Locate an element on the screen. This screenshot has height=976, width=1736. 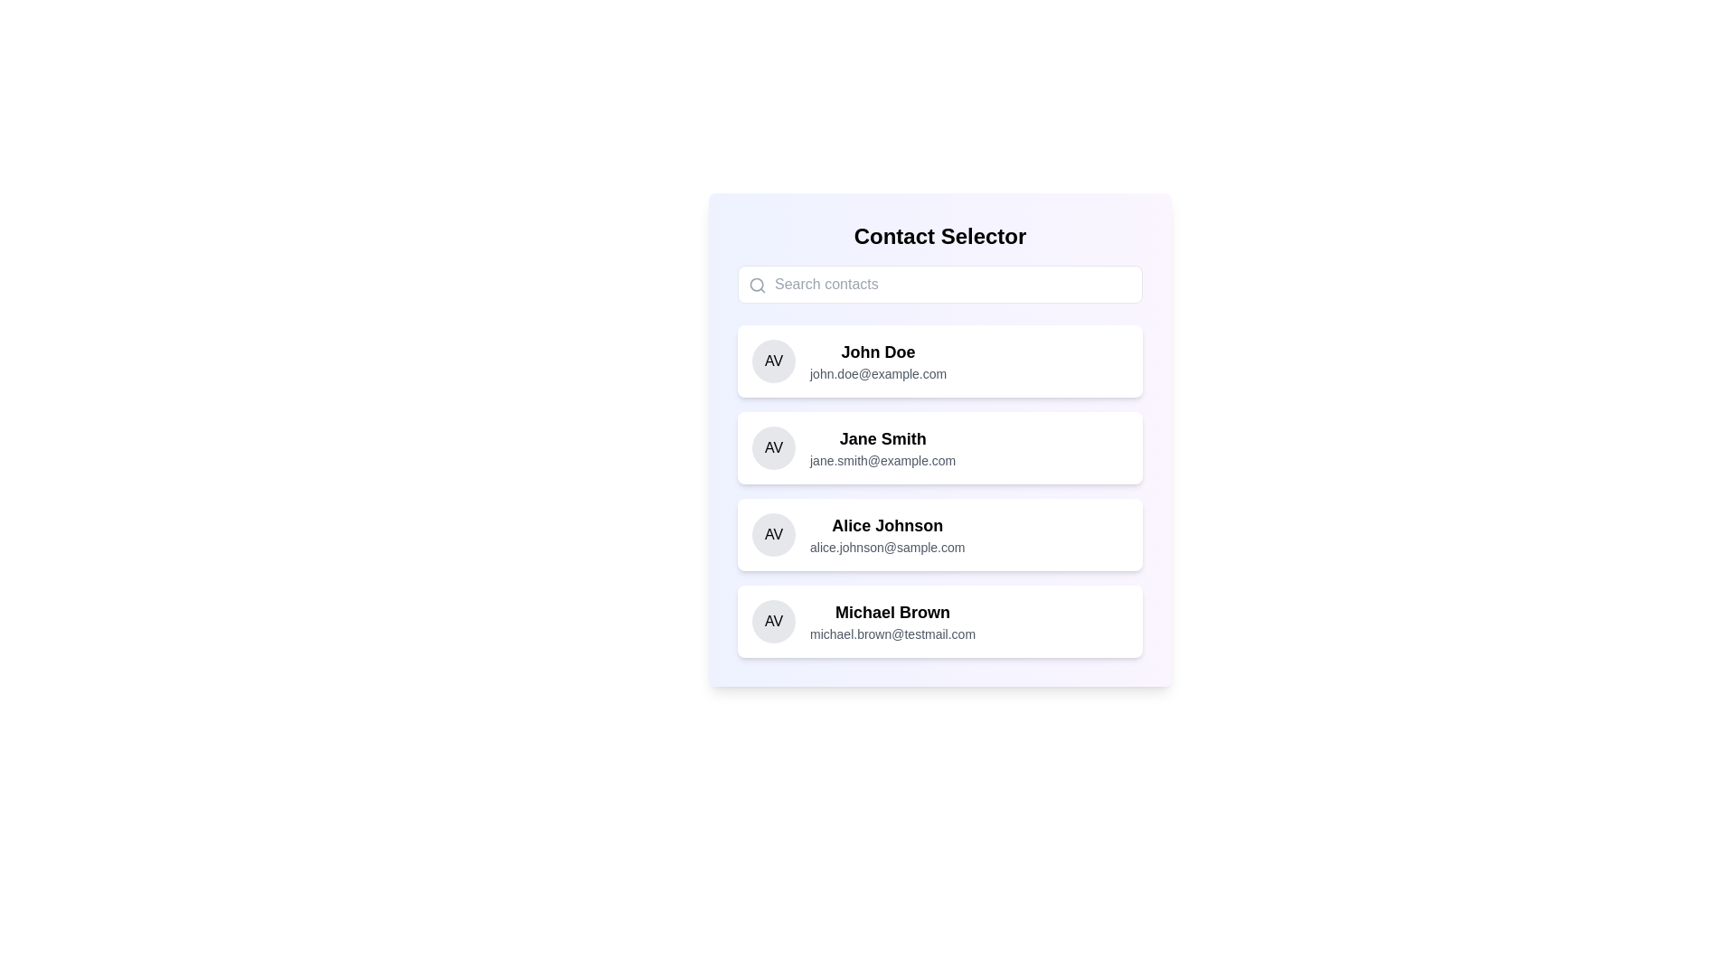
the avatar icon representing the contact 'John Doe' is located at coordinates (773, 361).